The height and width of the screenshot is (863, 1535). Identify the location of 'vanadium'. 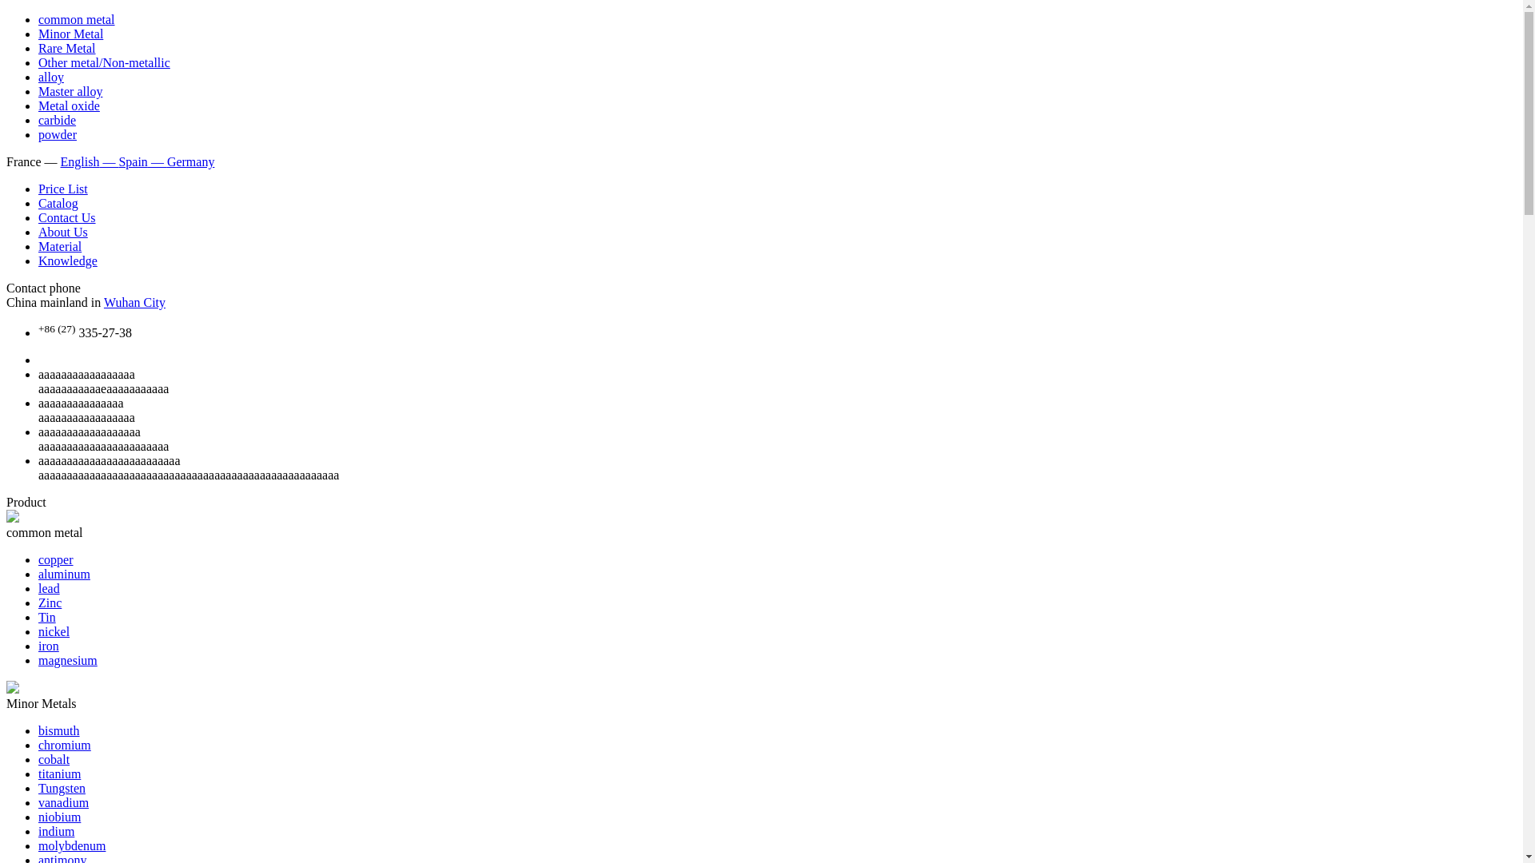
(63, 802).